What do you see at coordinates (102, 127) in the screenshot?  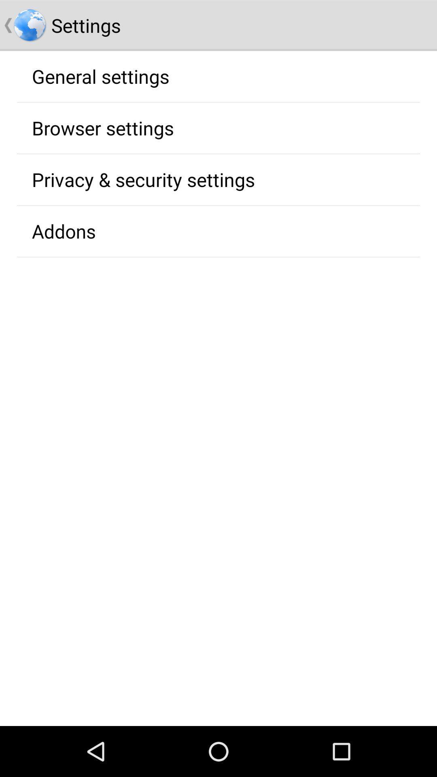 I see `the icon below general settings icon` at bounding box center [102, 127].